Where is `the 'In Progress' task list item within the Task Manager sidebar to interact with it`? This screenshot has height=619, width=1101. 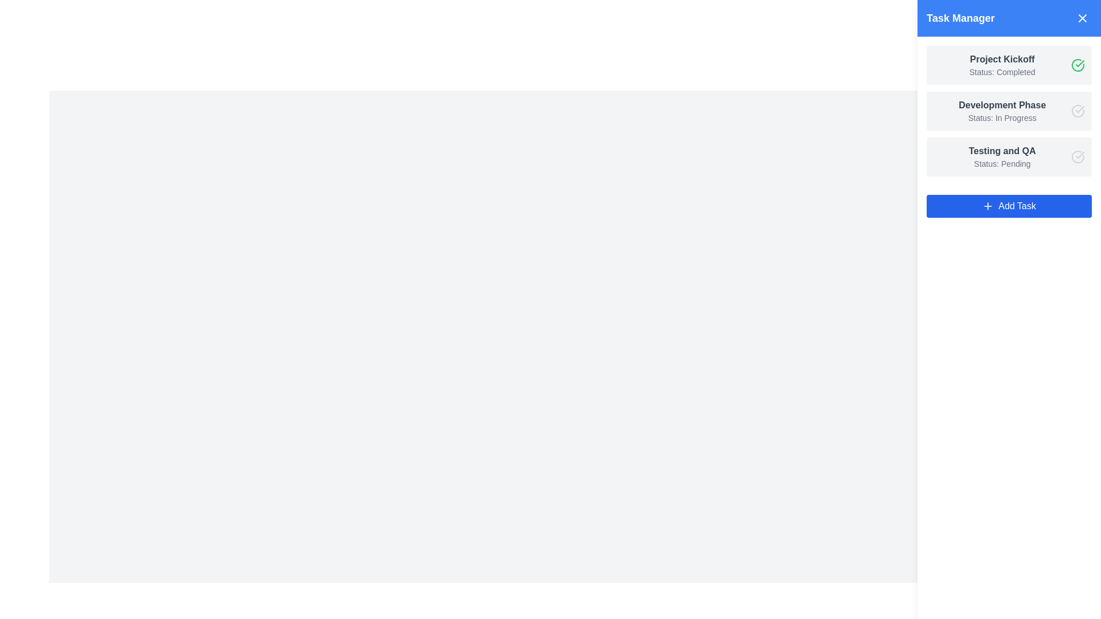
the 'In Progress' task list item within the Task Manager sidebar to interact with it is located at coordinates (1009, 111).